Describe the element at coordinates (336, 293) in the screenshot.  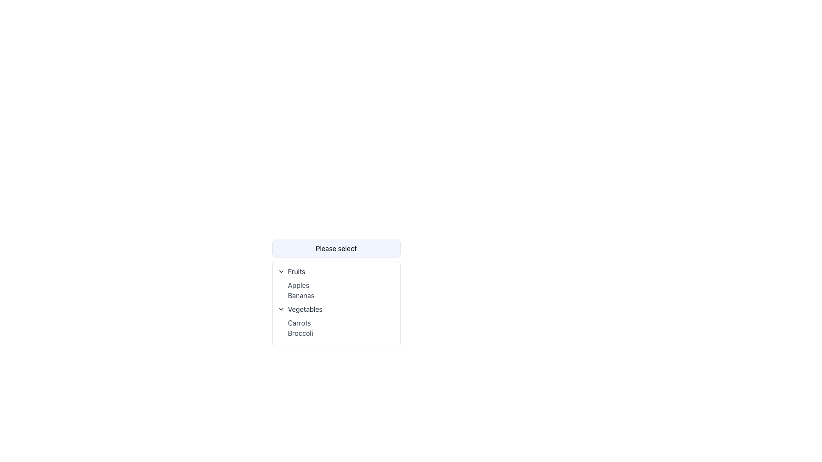
I see `individual items from the 'Fruits' dropdown menu located below the header 'Please select'` at that location.